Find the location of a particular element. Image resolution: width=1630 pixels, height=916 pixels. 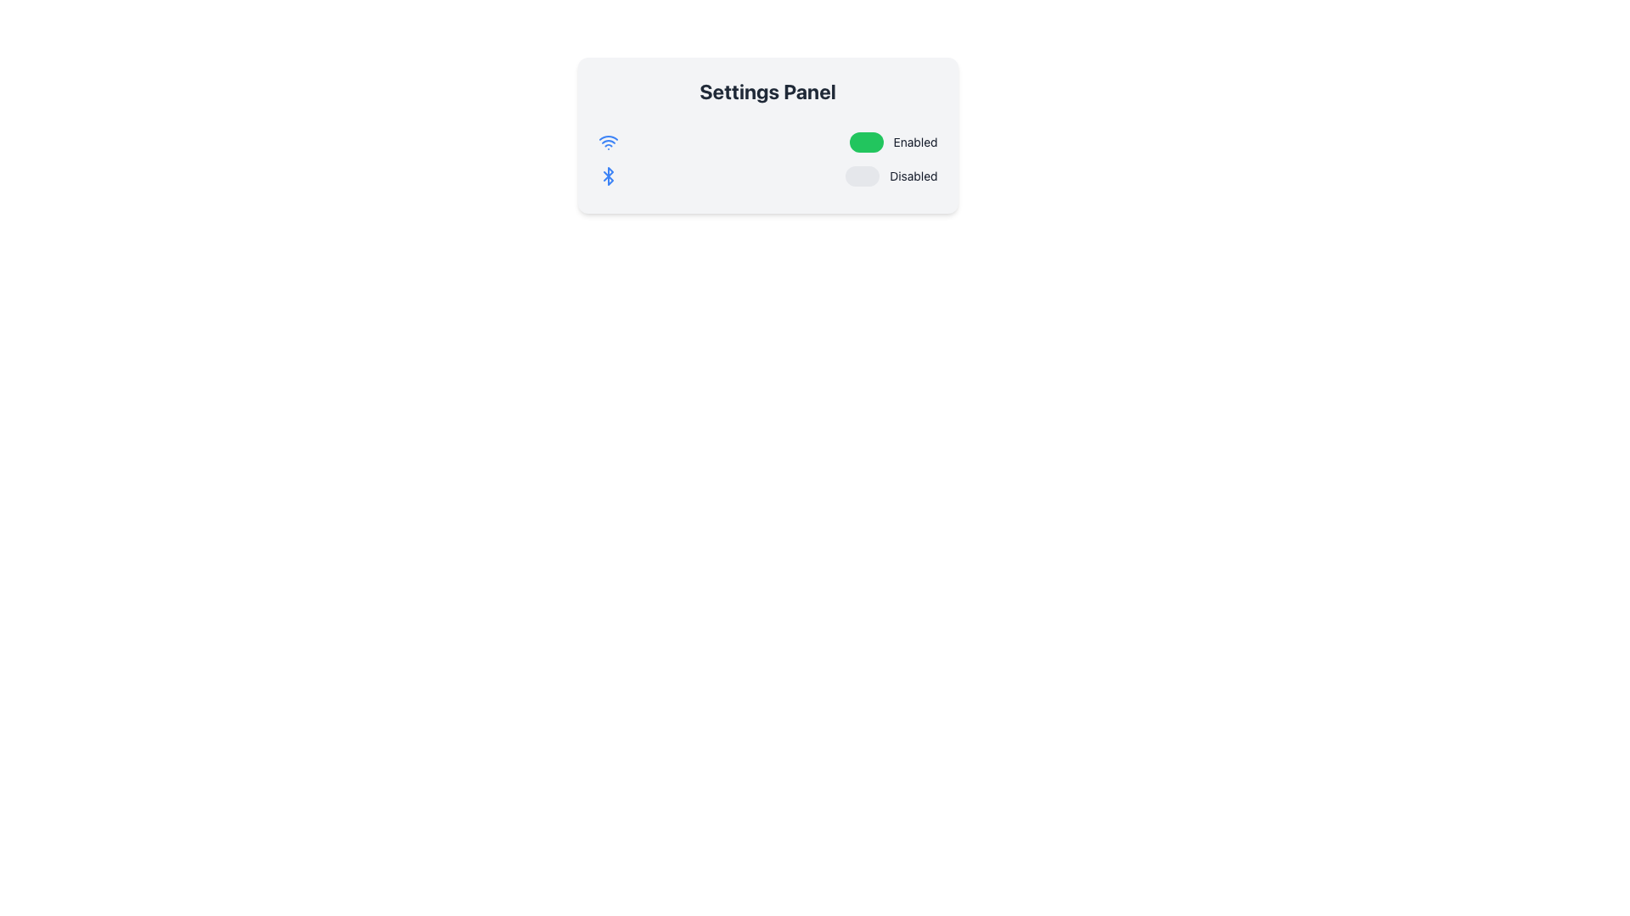

the text label displaying 'Enabled' in a settings-like interface, which is positioned to the right of a green toggle switch is located at coordinates (914, 142).